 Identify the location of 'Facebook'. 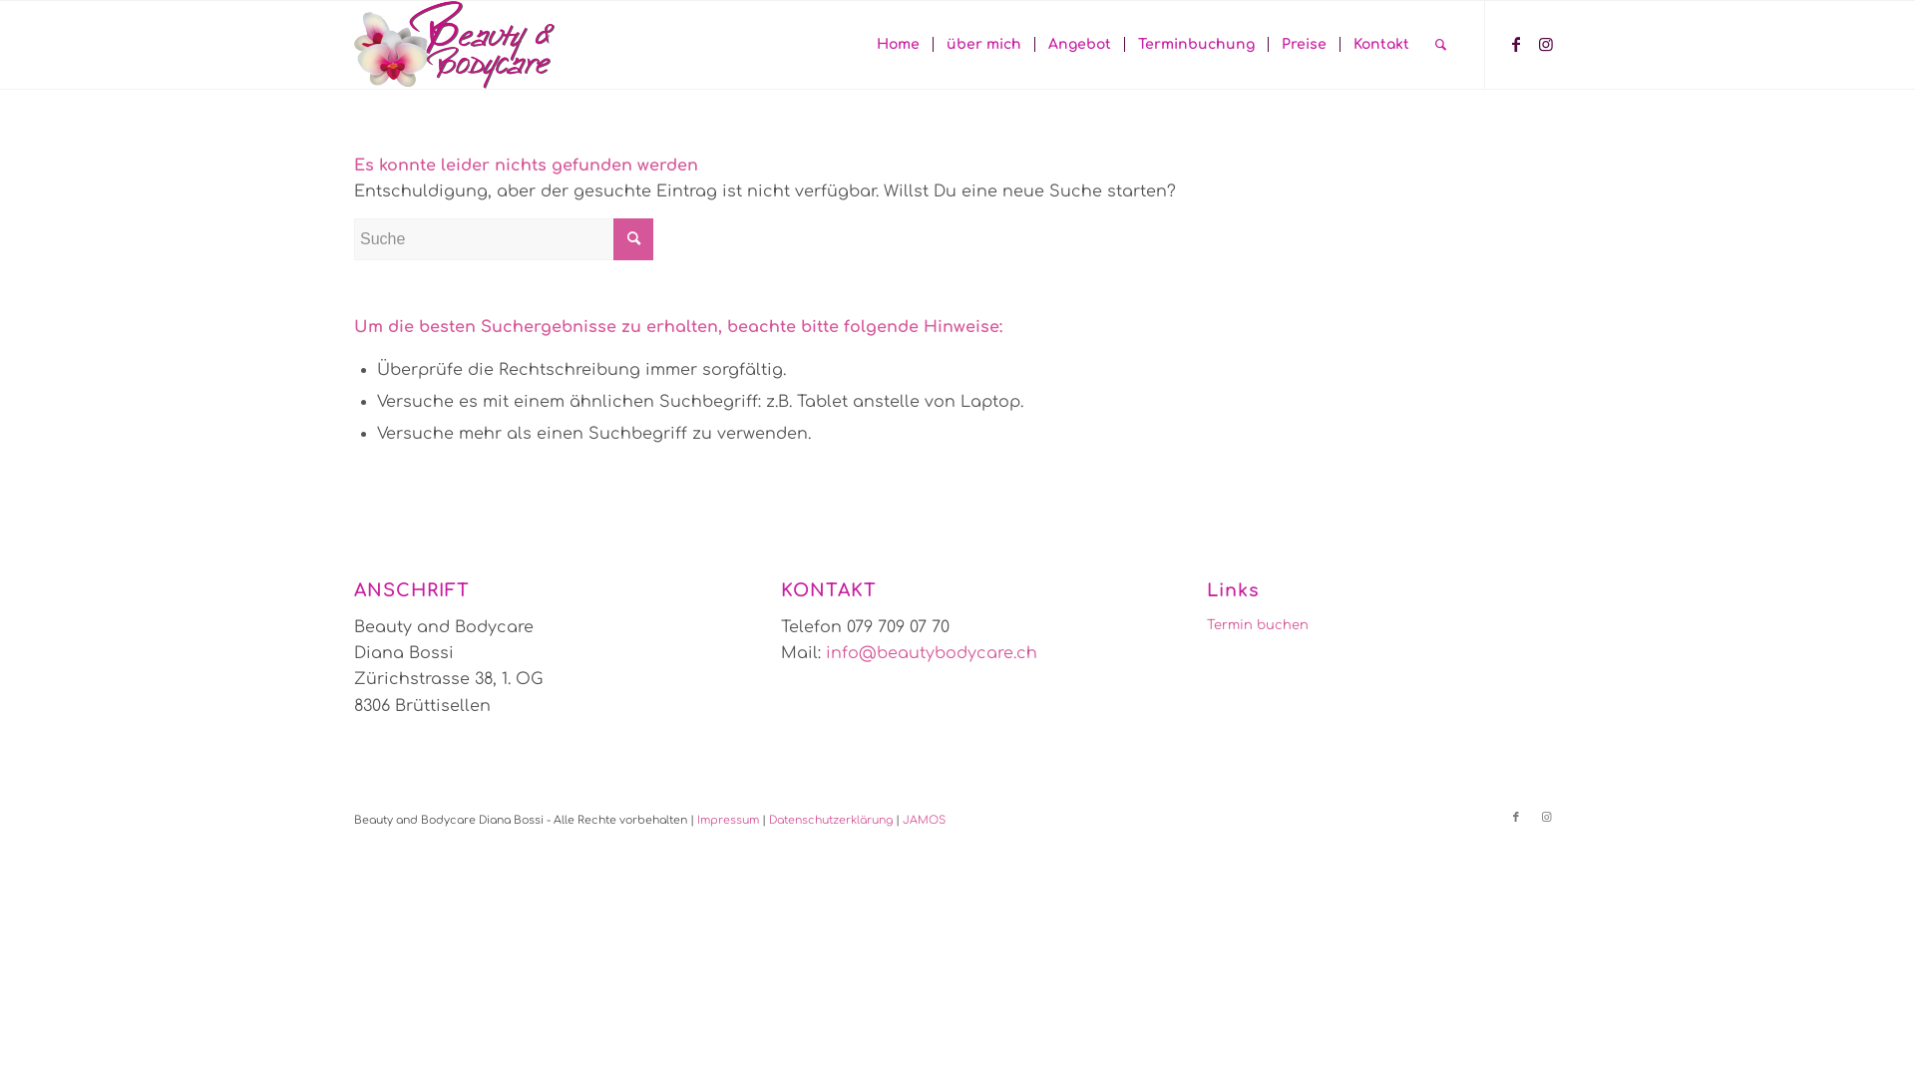
(1516, 818).